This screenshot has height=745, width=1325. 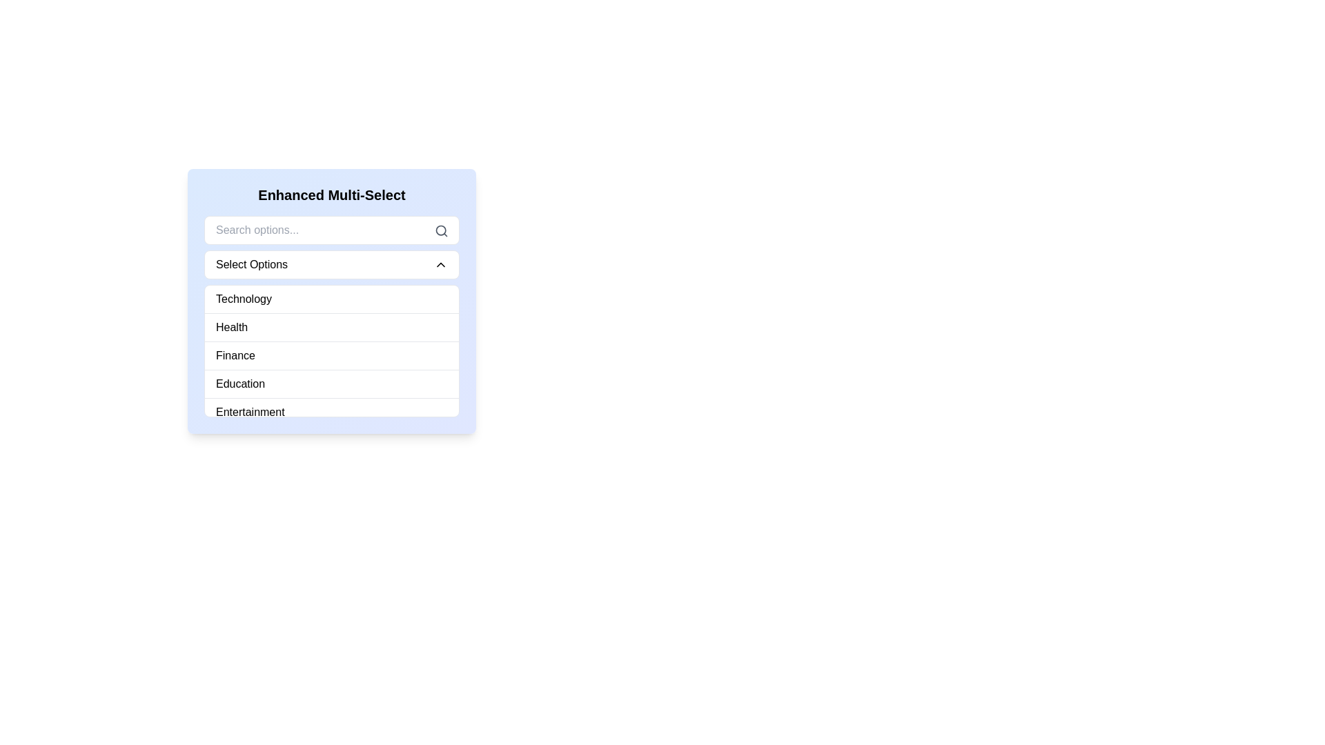 What do you see at coordinates (331, 350) in the screenshot?
I see `the 'Finance' option in the Scrollable List Menu located in the middle central region of the card titled 'Enhanced Multi-Select'` at bounding box center [331, 350].